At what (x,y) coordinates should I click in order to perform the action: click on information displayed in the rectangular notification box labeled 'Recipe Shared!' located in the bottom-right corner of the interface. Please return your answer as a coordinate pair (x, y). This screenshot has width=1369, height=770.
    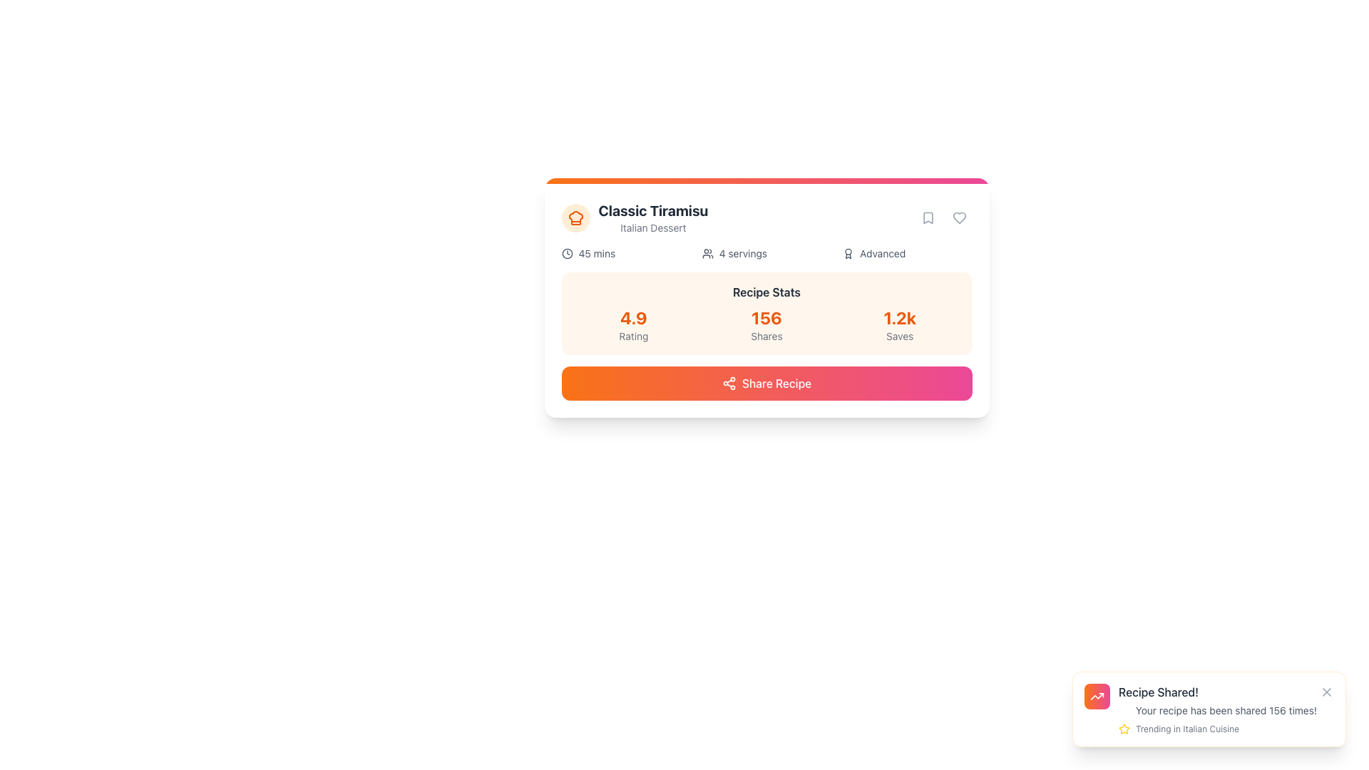
    Looking at the image, I should click on (1208, 709).